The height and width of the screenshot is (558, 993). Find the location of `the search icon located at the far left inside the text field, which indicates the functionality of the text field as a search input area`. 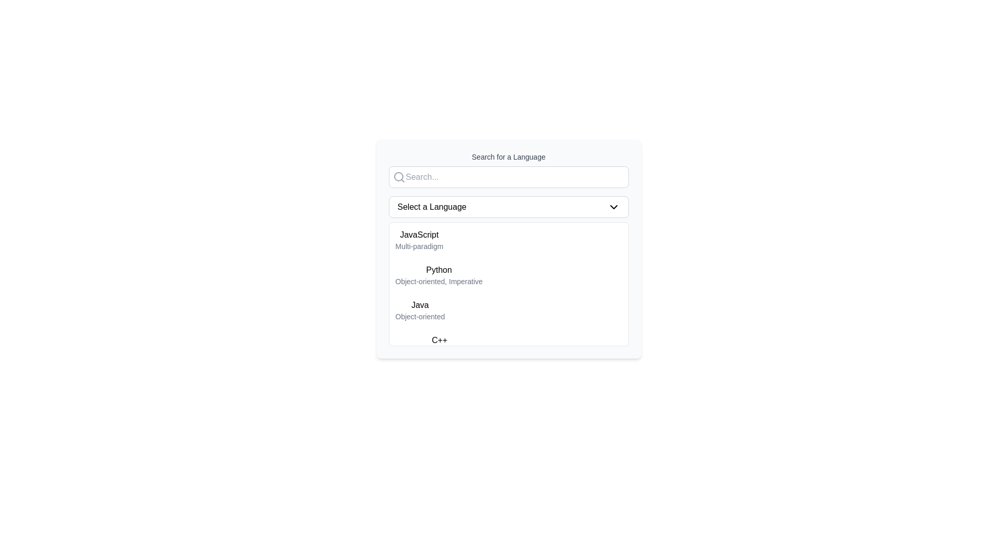

the search icon located at the far left inside the text field, which indicates the functionality of the text field as a search input area is located at coordinates (398, 177).